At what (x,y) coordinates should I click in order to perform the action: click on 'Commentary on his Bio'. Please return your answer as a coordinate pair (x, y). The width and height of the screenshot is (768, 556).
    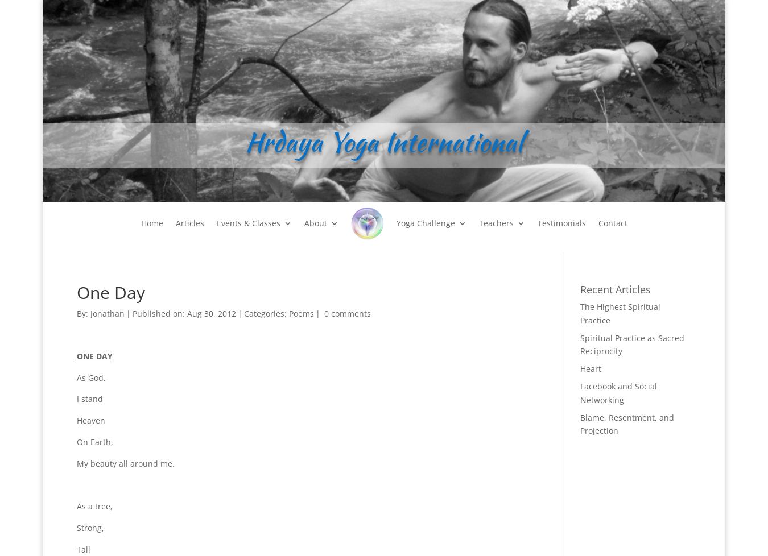
    Looking at the image, I should click on (675, 268).